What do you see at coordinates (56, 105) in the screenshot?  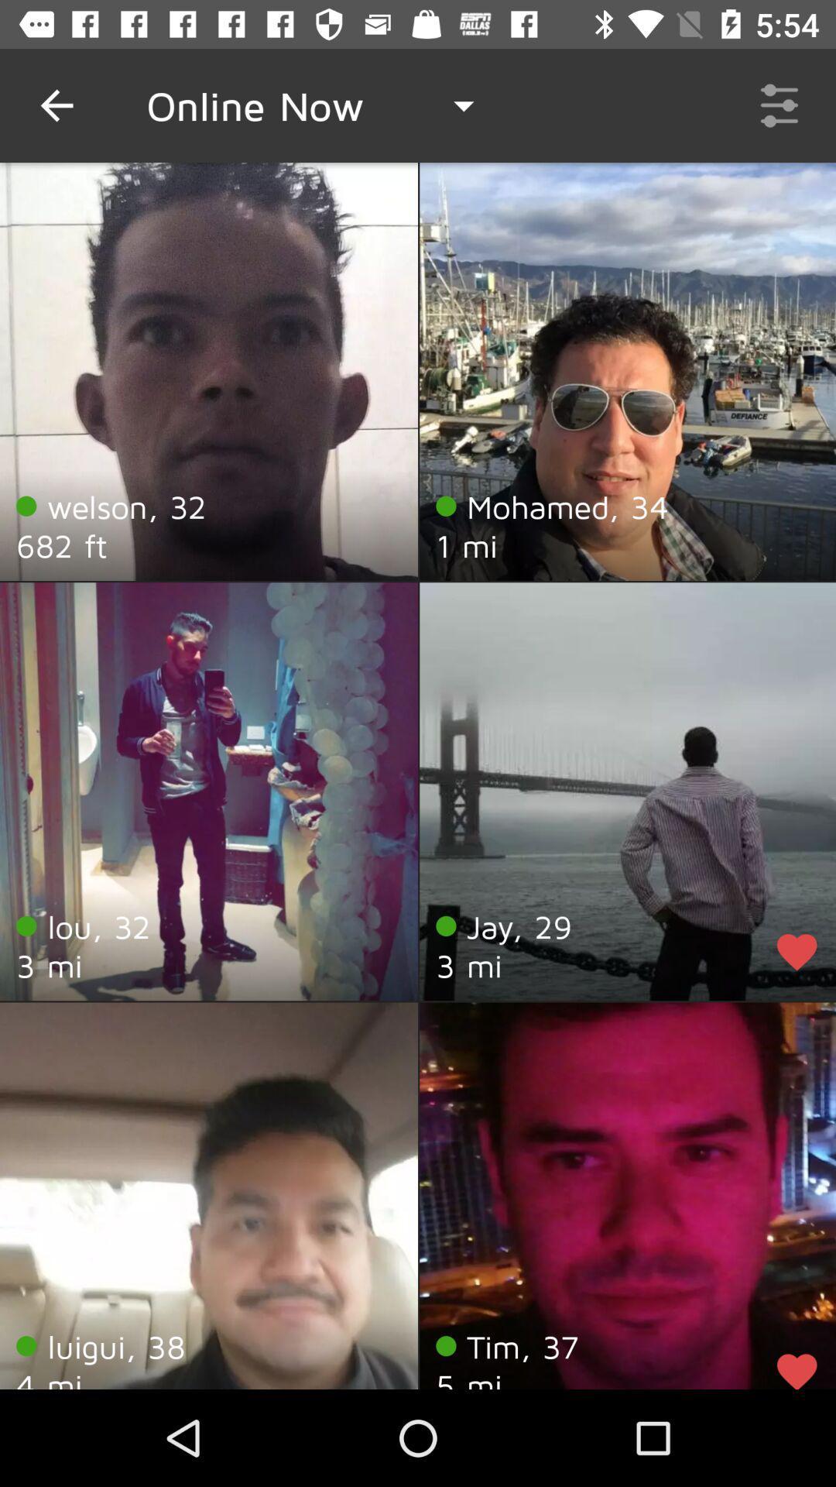 I see `icon next to the online now item` at bounding box center [56, 105].